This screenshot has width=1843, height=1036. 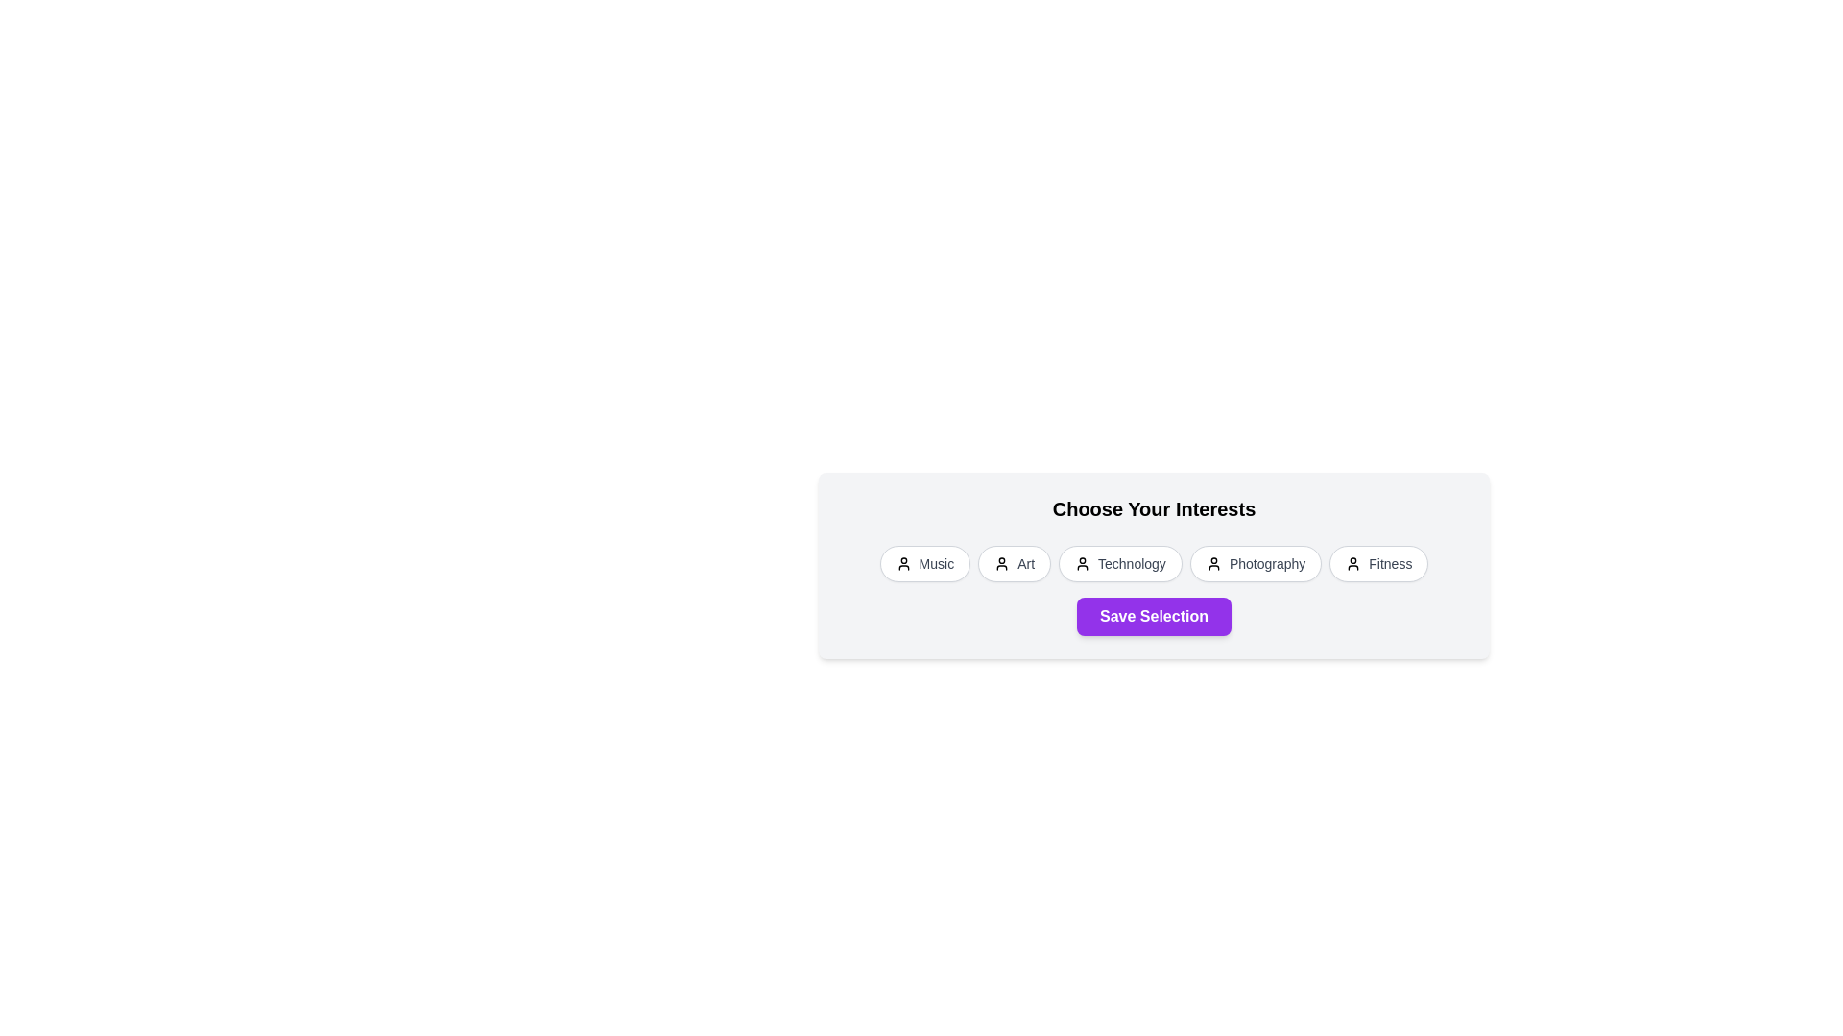 I want to click on the interest chip labeled Technology by clicking on it, so click(x=1120, y=562).